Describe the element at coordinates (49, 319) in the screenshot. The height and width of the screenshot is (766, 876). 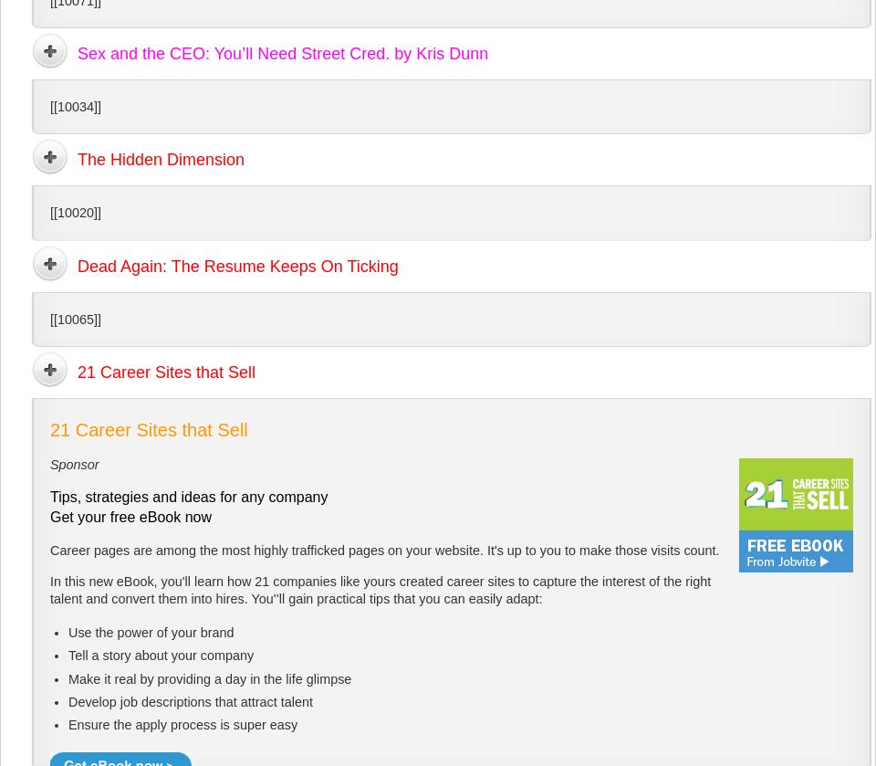
I see `'[[10065]]'` at that location.